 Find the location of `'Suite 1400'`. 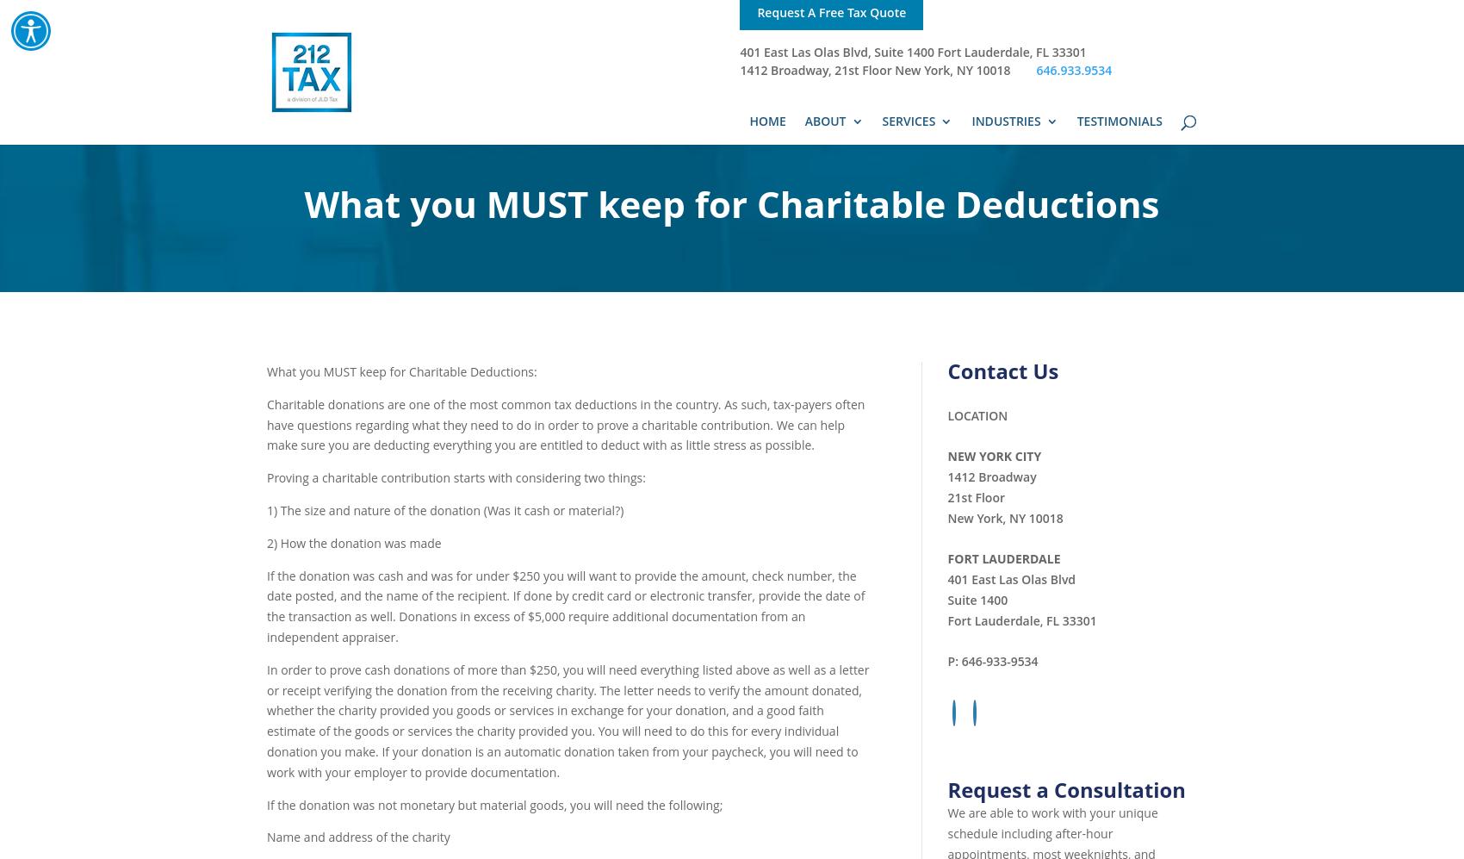

'Suite 1400' is located at coordinates (977, 598).